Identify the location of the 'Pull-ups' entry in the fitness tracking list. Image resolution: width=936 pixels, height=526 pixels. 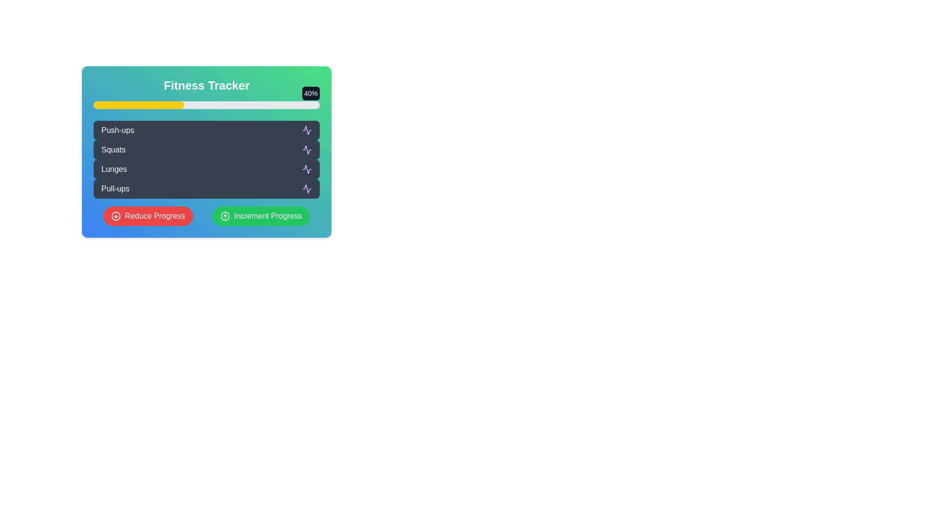
(206, 189).